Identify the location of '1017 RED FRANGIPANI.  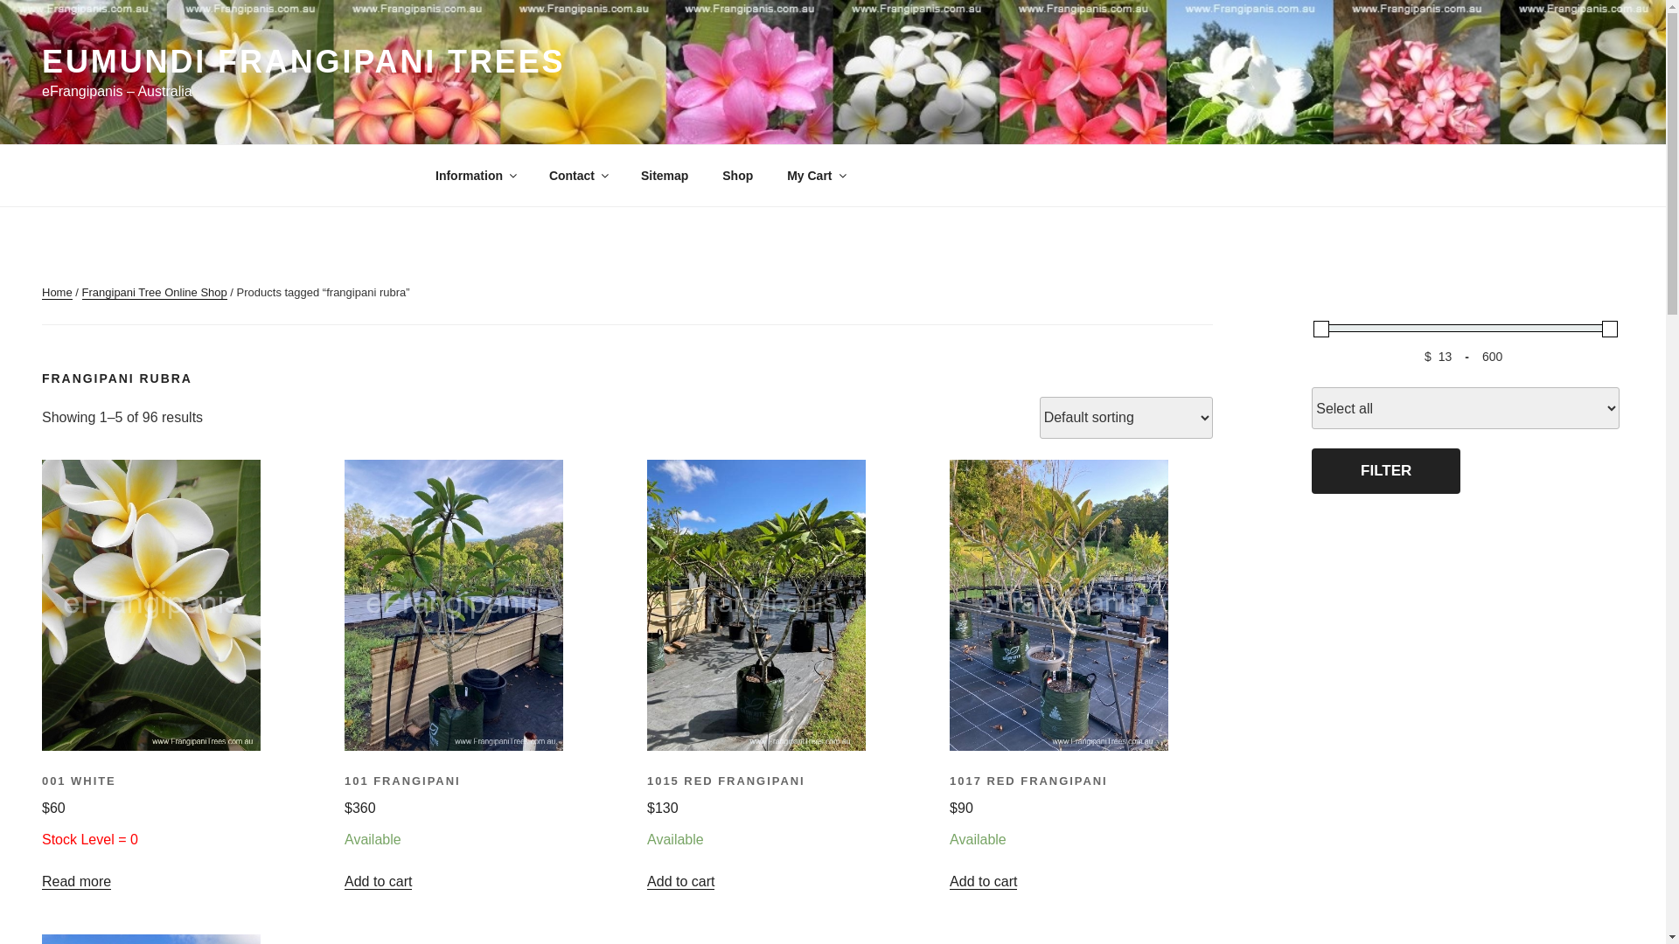
(948, 813).